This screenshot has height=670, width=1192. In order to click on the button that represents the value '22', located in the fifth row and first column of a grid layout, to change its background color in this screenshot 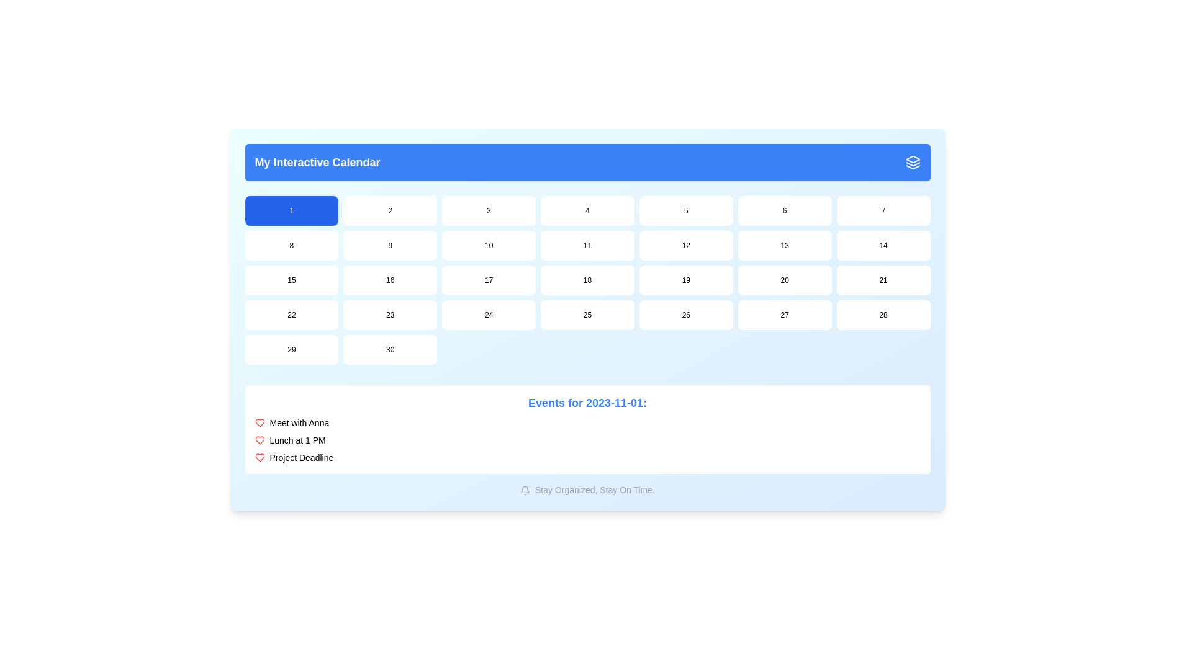, I will do `click(291, 315)`.